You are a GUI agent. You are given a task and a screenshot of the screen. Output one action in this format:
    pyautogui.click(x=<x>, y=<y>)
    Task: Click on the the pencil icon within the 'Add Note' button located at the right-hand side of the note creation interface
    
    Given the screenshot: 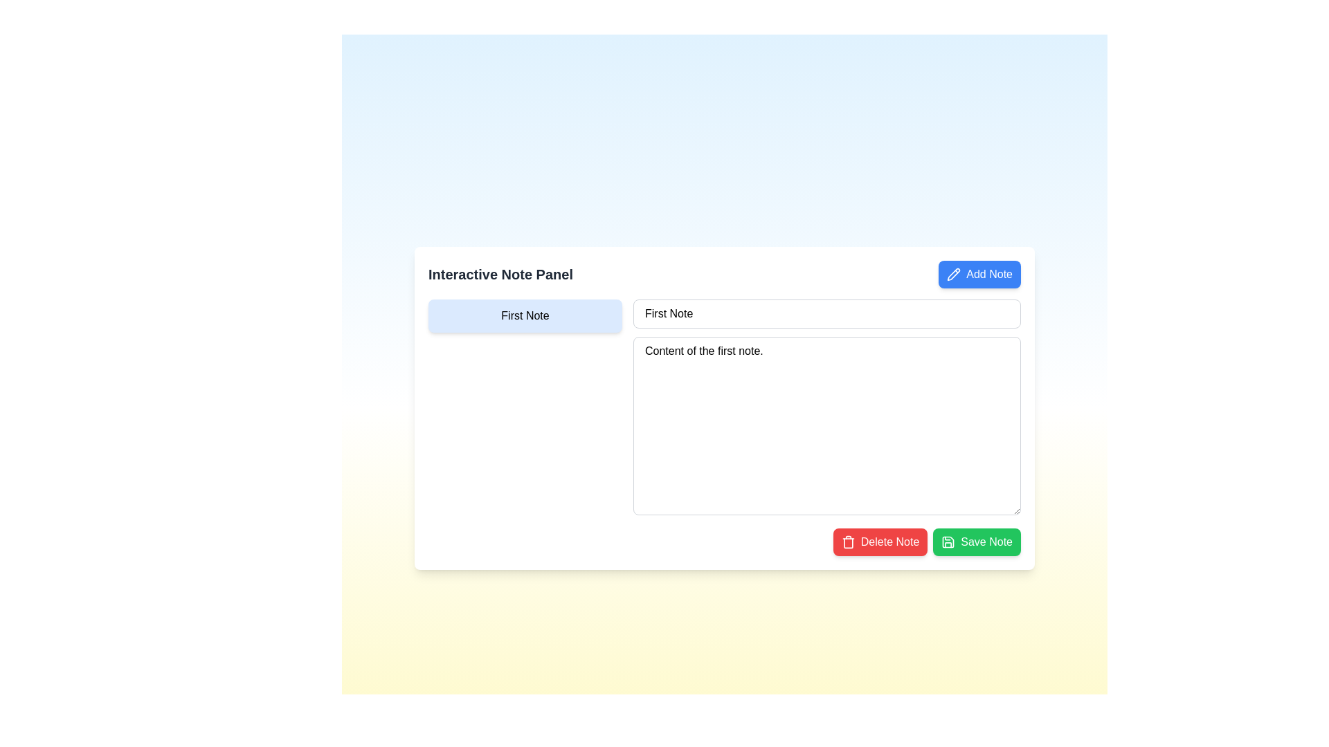 What is the action you would take?
    pyautogui.click(x=953, y=274)
    